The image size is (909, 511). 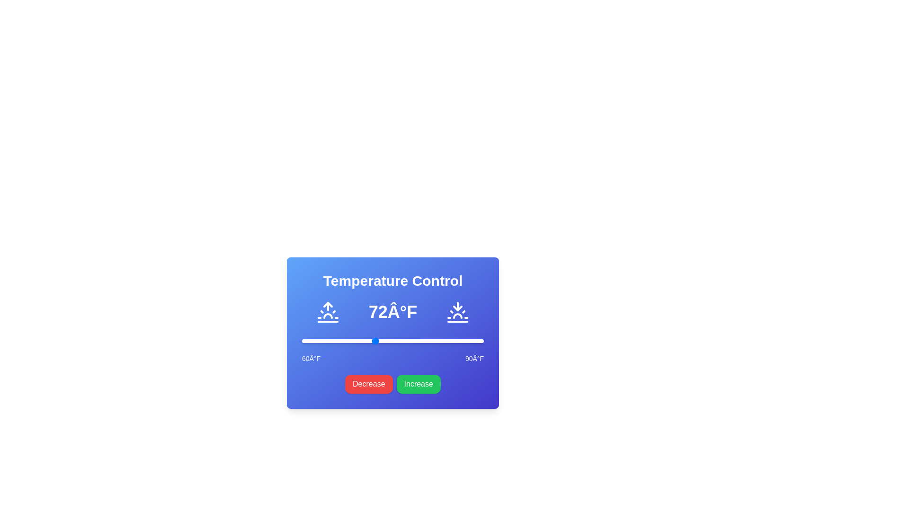 I want to click on the temperature to 80°F using the slider, so click(x=422, y=341).